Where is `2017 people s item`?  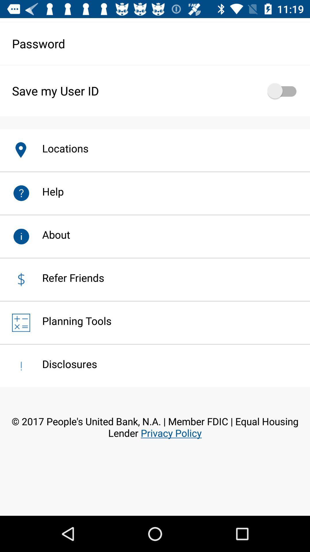
2017 people s item is located at coordinates (155, 437).